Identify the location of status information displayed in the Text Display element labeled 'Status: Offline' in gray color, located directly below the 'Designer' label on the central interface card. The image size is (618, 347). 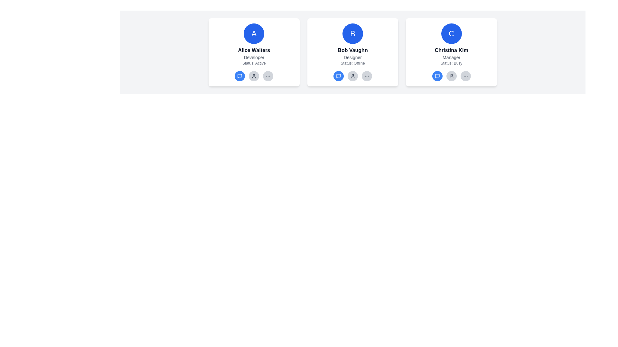
(352, 63).